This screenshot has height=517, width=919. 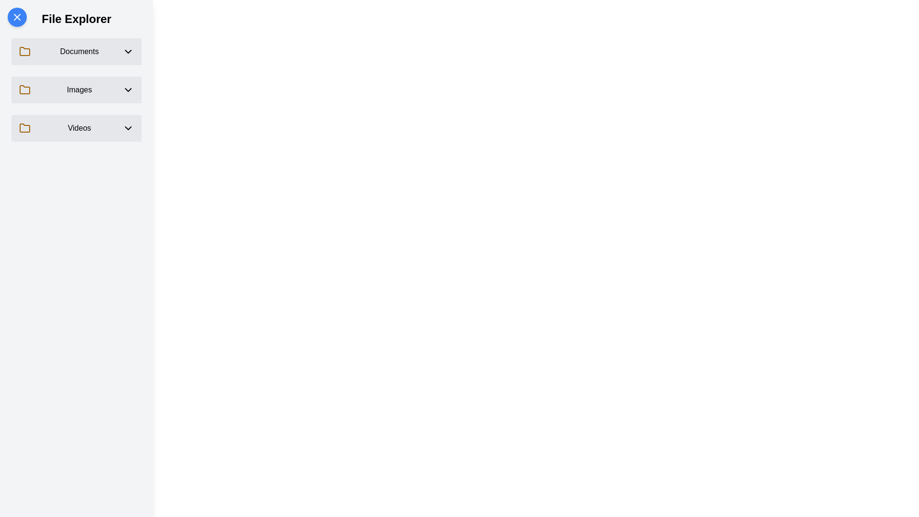 What do you see at coordinates (17, 17) in the screenshot?
I see `the 'X' icon, which is a close/dismissor icon styled as a line drawing within a blue circular background, located at the top-left corner of the interface` at bounding box center [17, 17].